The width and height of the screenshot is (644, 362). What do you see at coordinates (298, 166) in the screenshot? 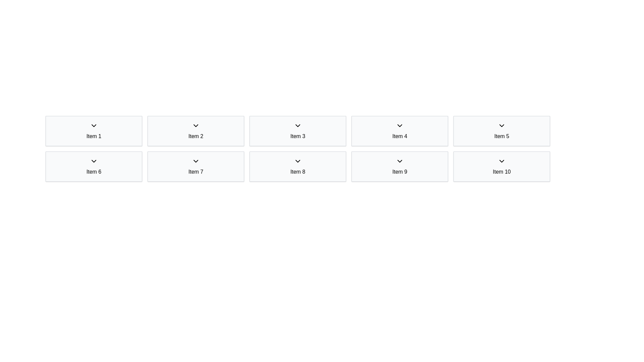
I see `the Grid Item located in the second row and third position, which corresponds to 'Item 8'` at bounding box center [298, 166].